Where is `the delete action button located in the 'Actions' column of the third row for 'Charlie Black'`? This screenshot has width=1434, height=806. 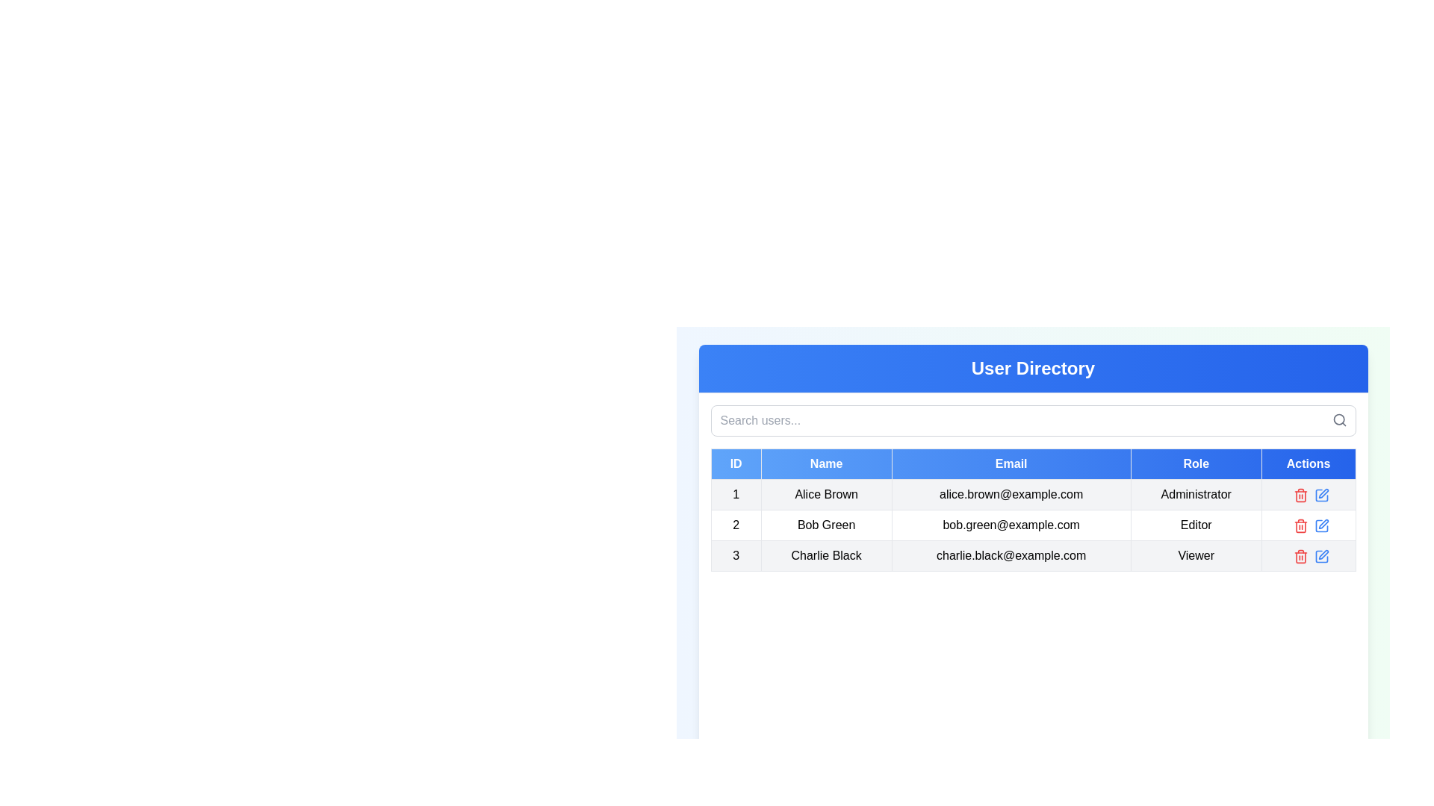
the delete action button located in the 'Actions' column of the third row for 'Charlie Black' is located at coordinates (1300, 556).